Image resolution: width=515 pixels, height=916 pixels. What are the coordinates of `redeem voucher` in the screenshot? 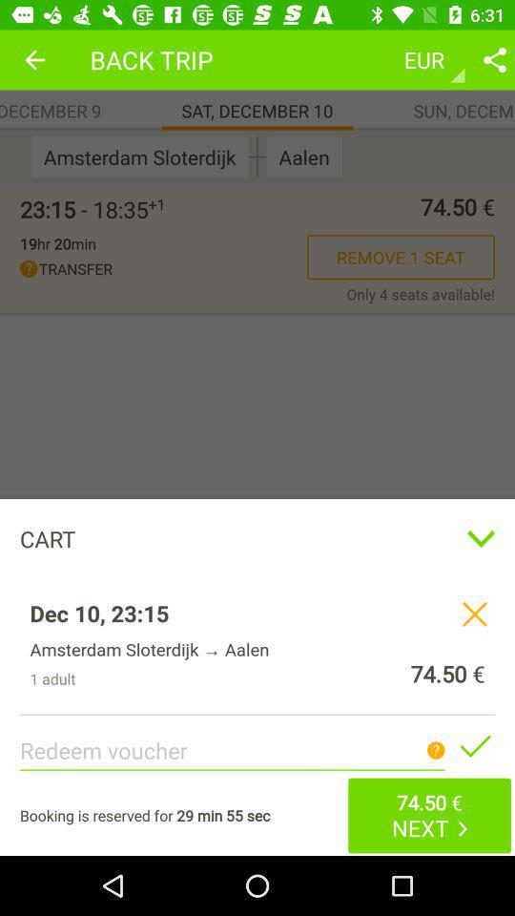 It's located at (473, 745).